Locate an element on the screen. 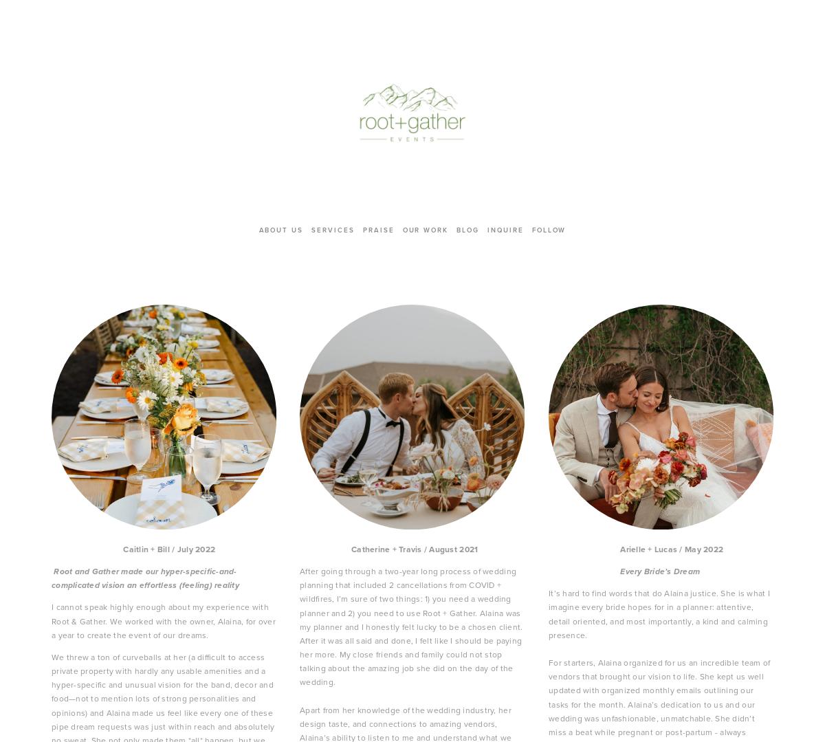  'I cannot speak highly enough about my experience with Root & Gather. We worked with the owner, Alaina, for over a year to create the event of our dreams.' is located at coordinates (164, 620).